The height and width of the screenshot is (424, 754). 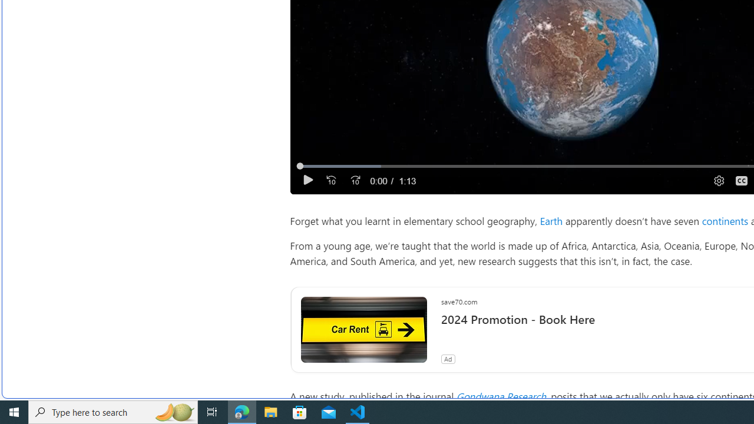 What do you see at coordinates (307, 180) in the screenshot?
I see `'Play'` at bounding box center [307, 180].